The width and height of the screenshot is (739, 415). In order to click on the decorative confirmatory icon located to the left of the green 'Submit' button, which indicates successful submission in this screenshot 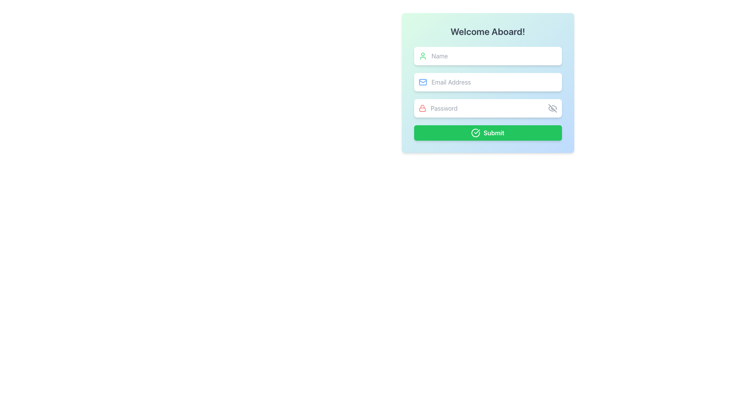, I will do `click(475, 133)`.